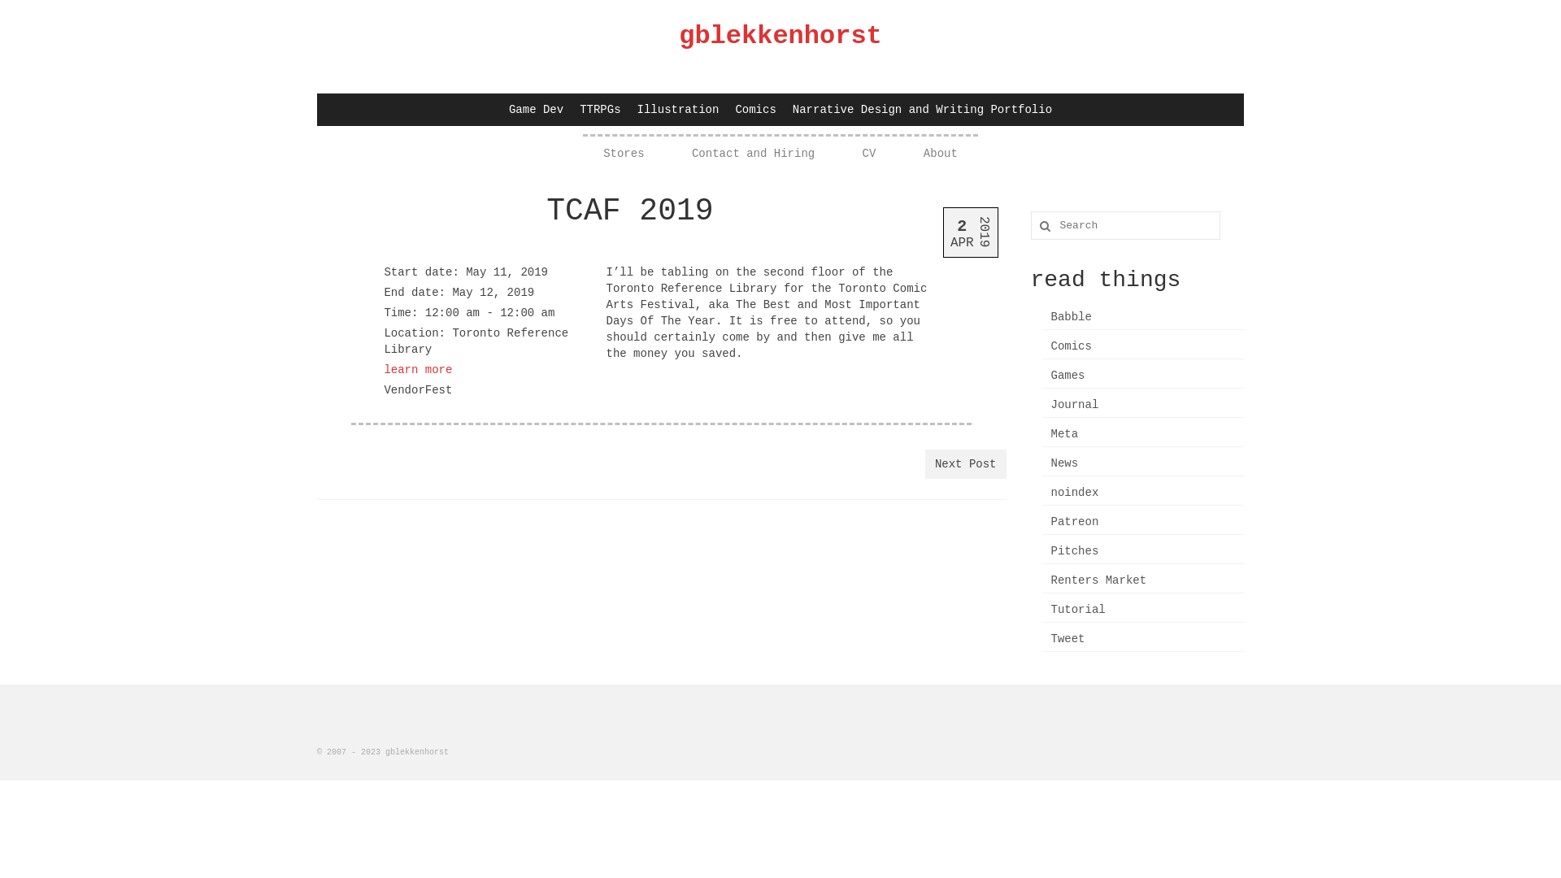  I want to click on 'learn more', so click(382, 370).